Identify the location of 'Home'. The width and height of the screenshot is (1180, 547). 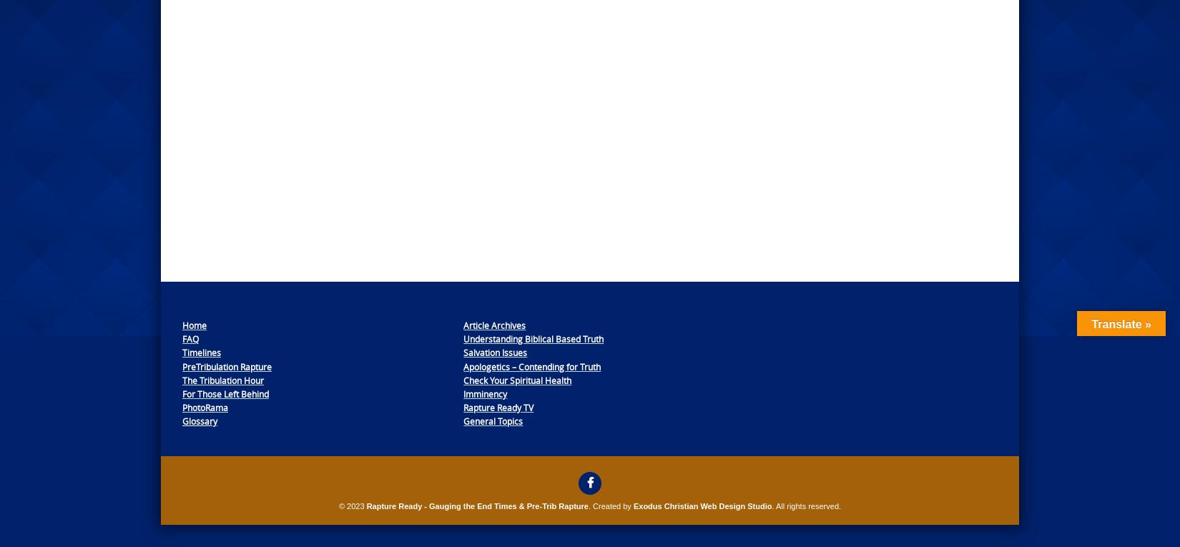
(194, 325).